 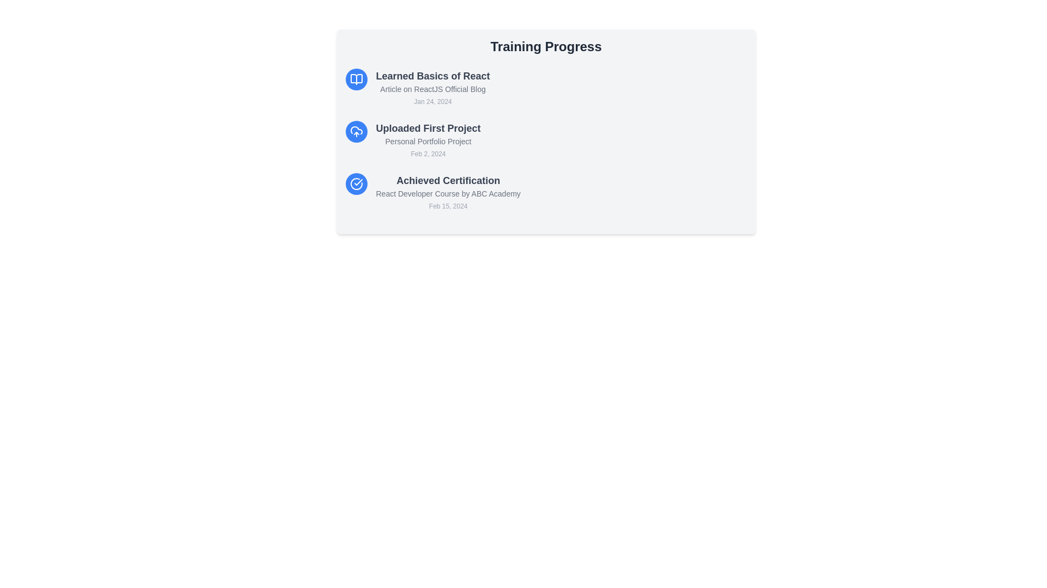 I want to click on the cloud upload icon within the 'Uploaded First Project' step, which is styled in white with a blue circular background, so click(x=356, y=131).